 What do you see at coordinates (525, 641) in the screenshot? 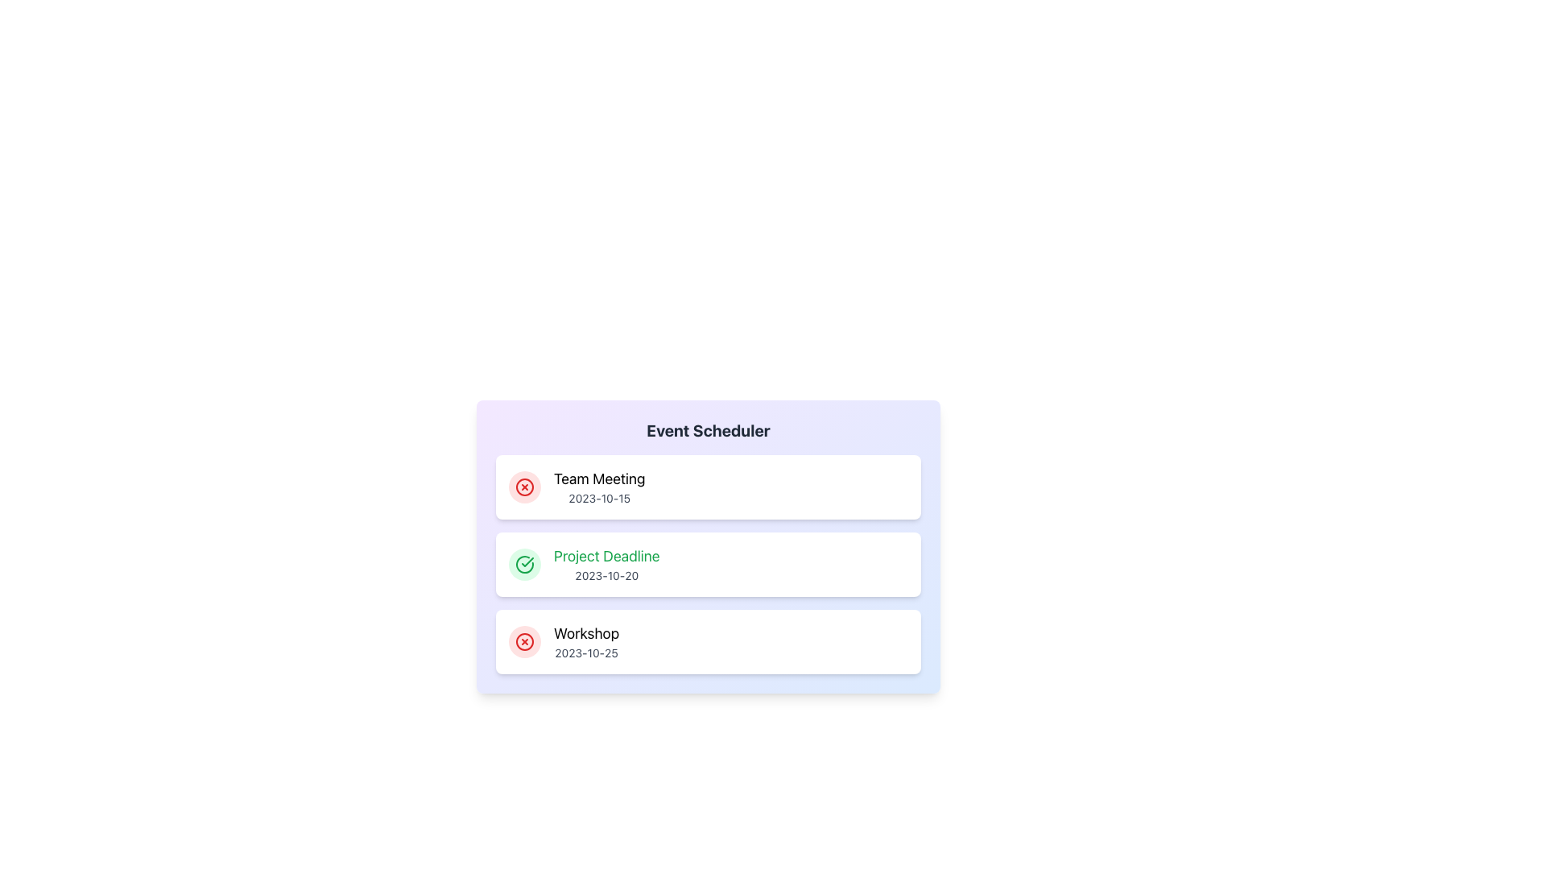
I see `the circular icon representing the status or action for the last event in the list, associated with 'Workshop' and '2023-10-25'` at bounding box center [525, 641].